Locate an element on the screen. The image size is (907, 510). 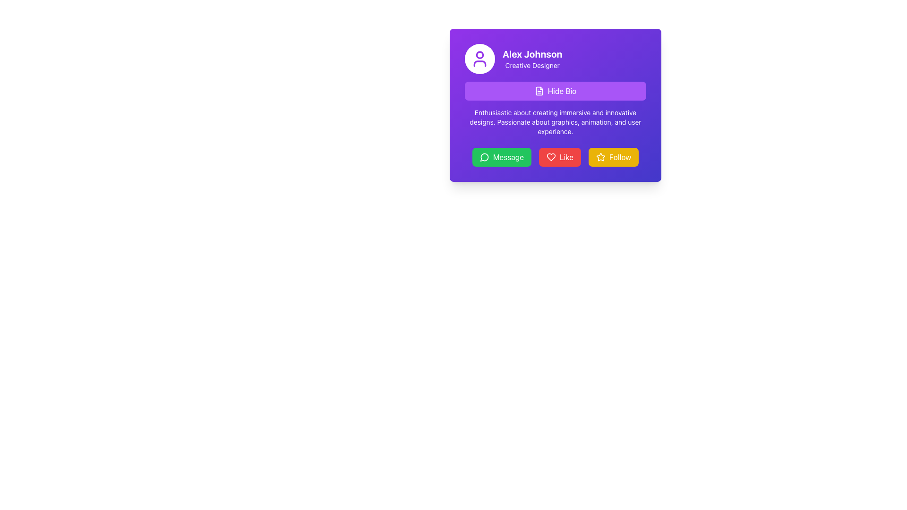
the 'Follow' button element is located at coordinates (614, 156).